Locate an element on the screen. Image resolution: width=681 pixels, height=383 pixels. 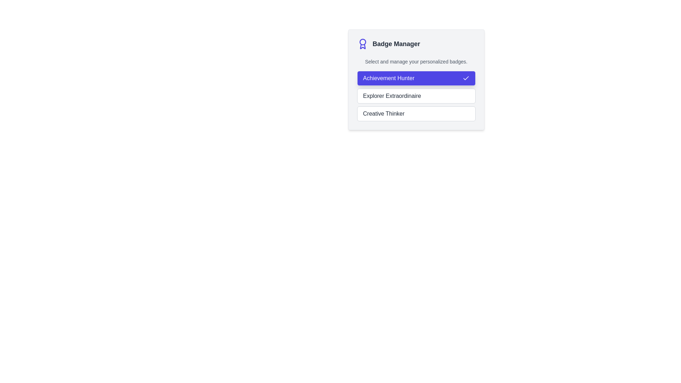
the text label 'Explorer Extraordinaire' which is centrally located in the second row of the vertical list in the 'Badge Manager' module is located at coordinates (392, 96).